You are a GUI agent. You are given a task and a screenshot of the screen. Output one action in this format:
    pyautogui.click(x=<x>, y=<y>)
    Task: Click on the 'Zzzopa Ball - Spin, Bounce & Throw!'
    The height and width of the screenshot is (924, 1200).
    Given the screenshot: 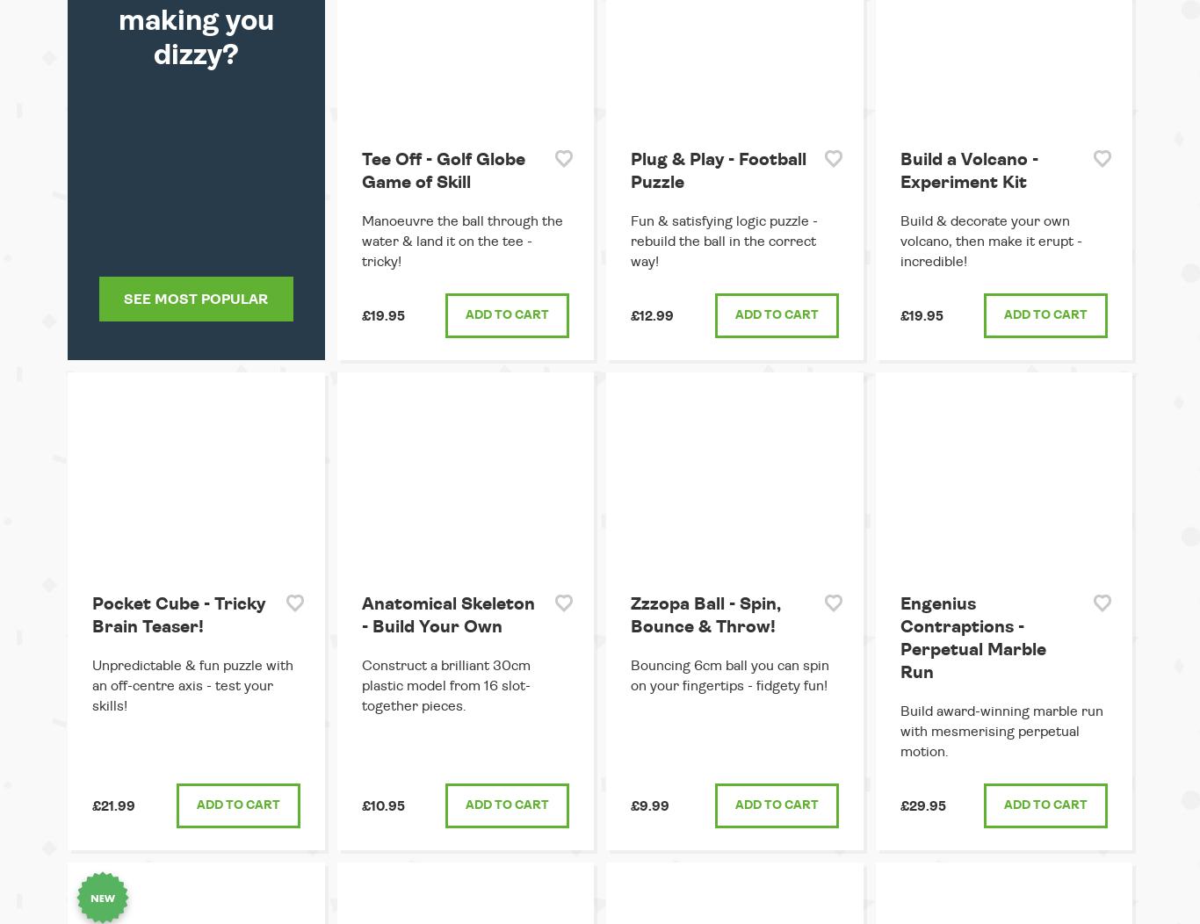 What is the action you would take?
    pyautogui.click(x=705, y=614)
    